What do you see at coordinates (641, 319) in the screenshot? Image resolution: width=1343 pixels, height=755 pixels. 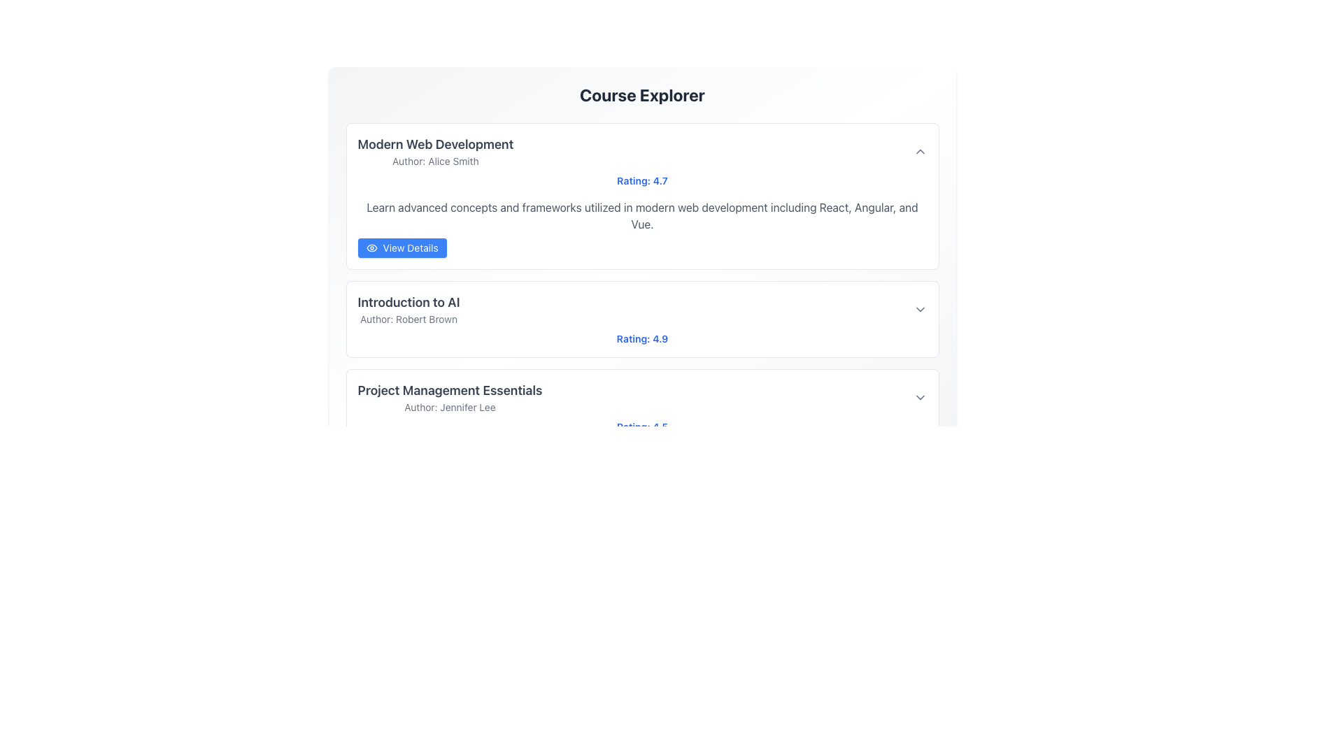 I see `the second Informational Card` at bounding box center [641, 319].